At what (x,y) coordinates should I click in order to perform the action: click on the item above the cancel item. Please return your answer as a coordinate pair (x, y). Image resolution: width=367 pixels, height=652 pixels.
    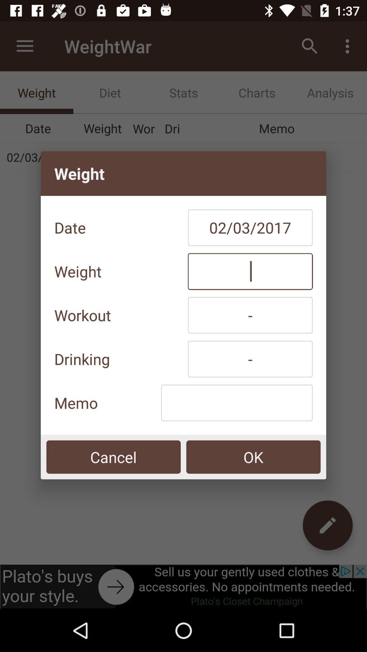
    Looking at the image, I should click on (237, 403).